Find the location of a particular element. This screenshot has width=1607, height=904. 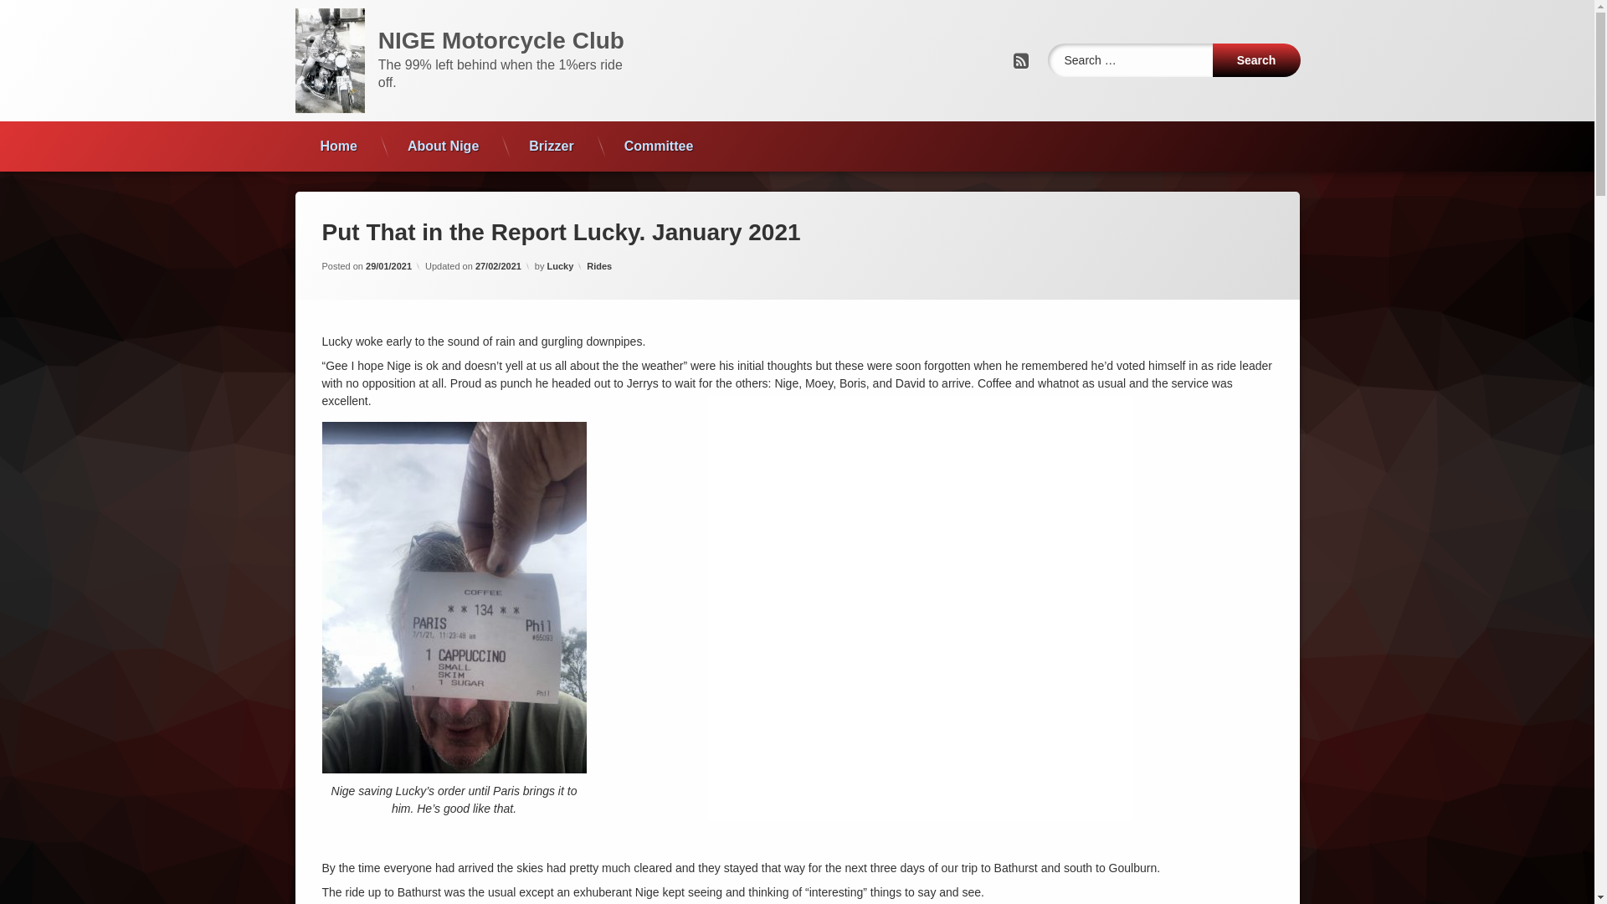

'Home' is located at coordinates (336, 145).